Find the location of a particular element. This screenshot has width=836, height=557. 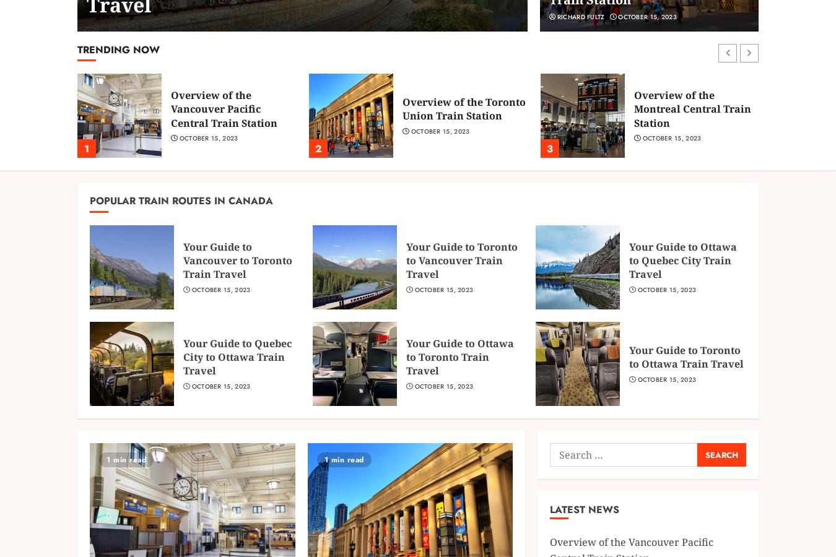

'Your Guide to Ottawa to Quebec City Train Travel' is located at coordinates (682, 260).